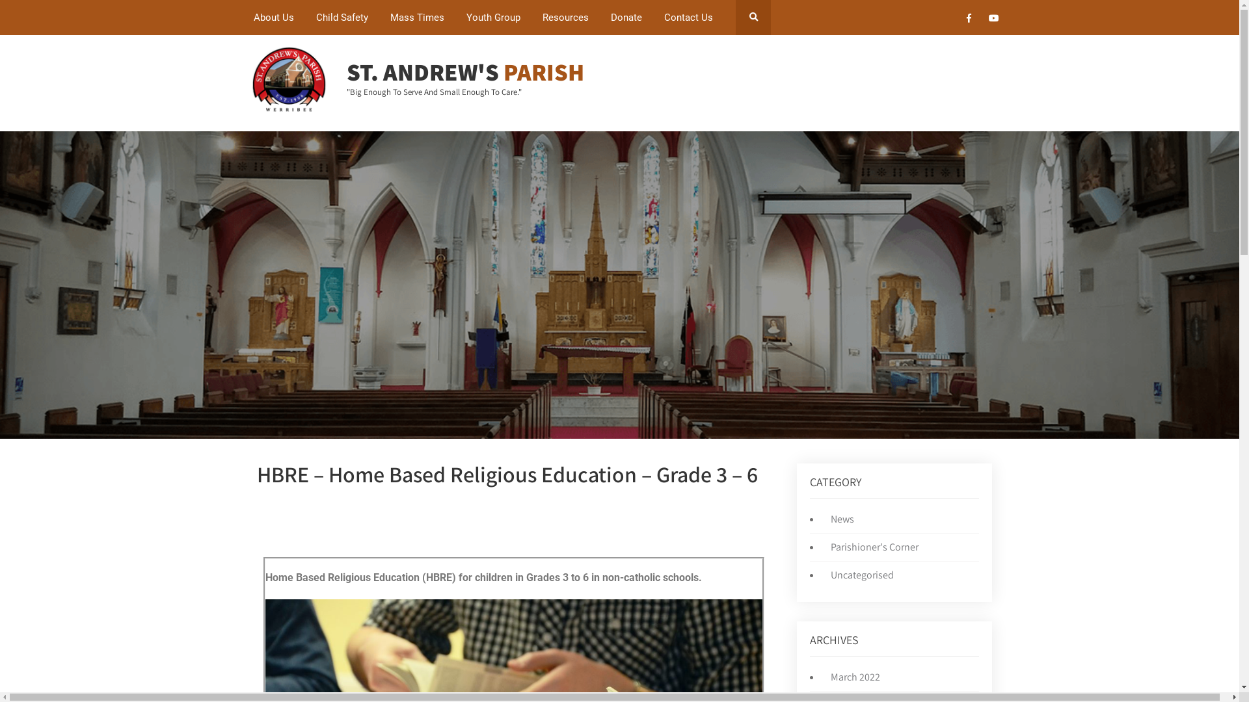  What do you see at coordinates (417, 18) in the screenshot?
I see `'Mass Times'` at bounding box center [417, 18].